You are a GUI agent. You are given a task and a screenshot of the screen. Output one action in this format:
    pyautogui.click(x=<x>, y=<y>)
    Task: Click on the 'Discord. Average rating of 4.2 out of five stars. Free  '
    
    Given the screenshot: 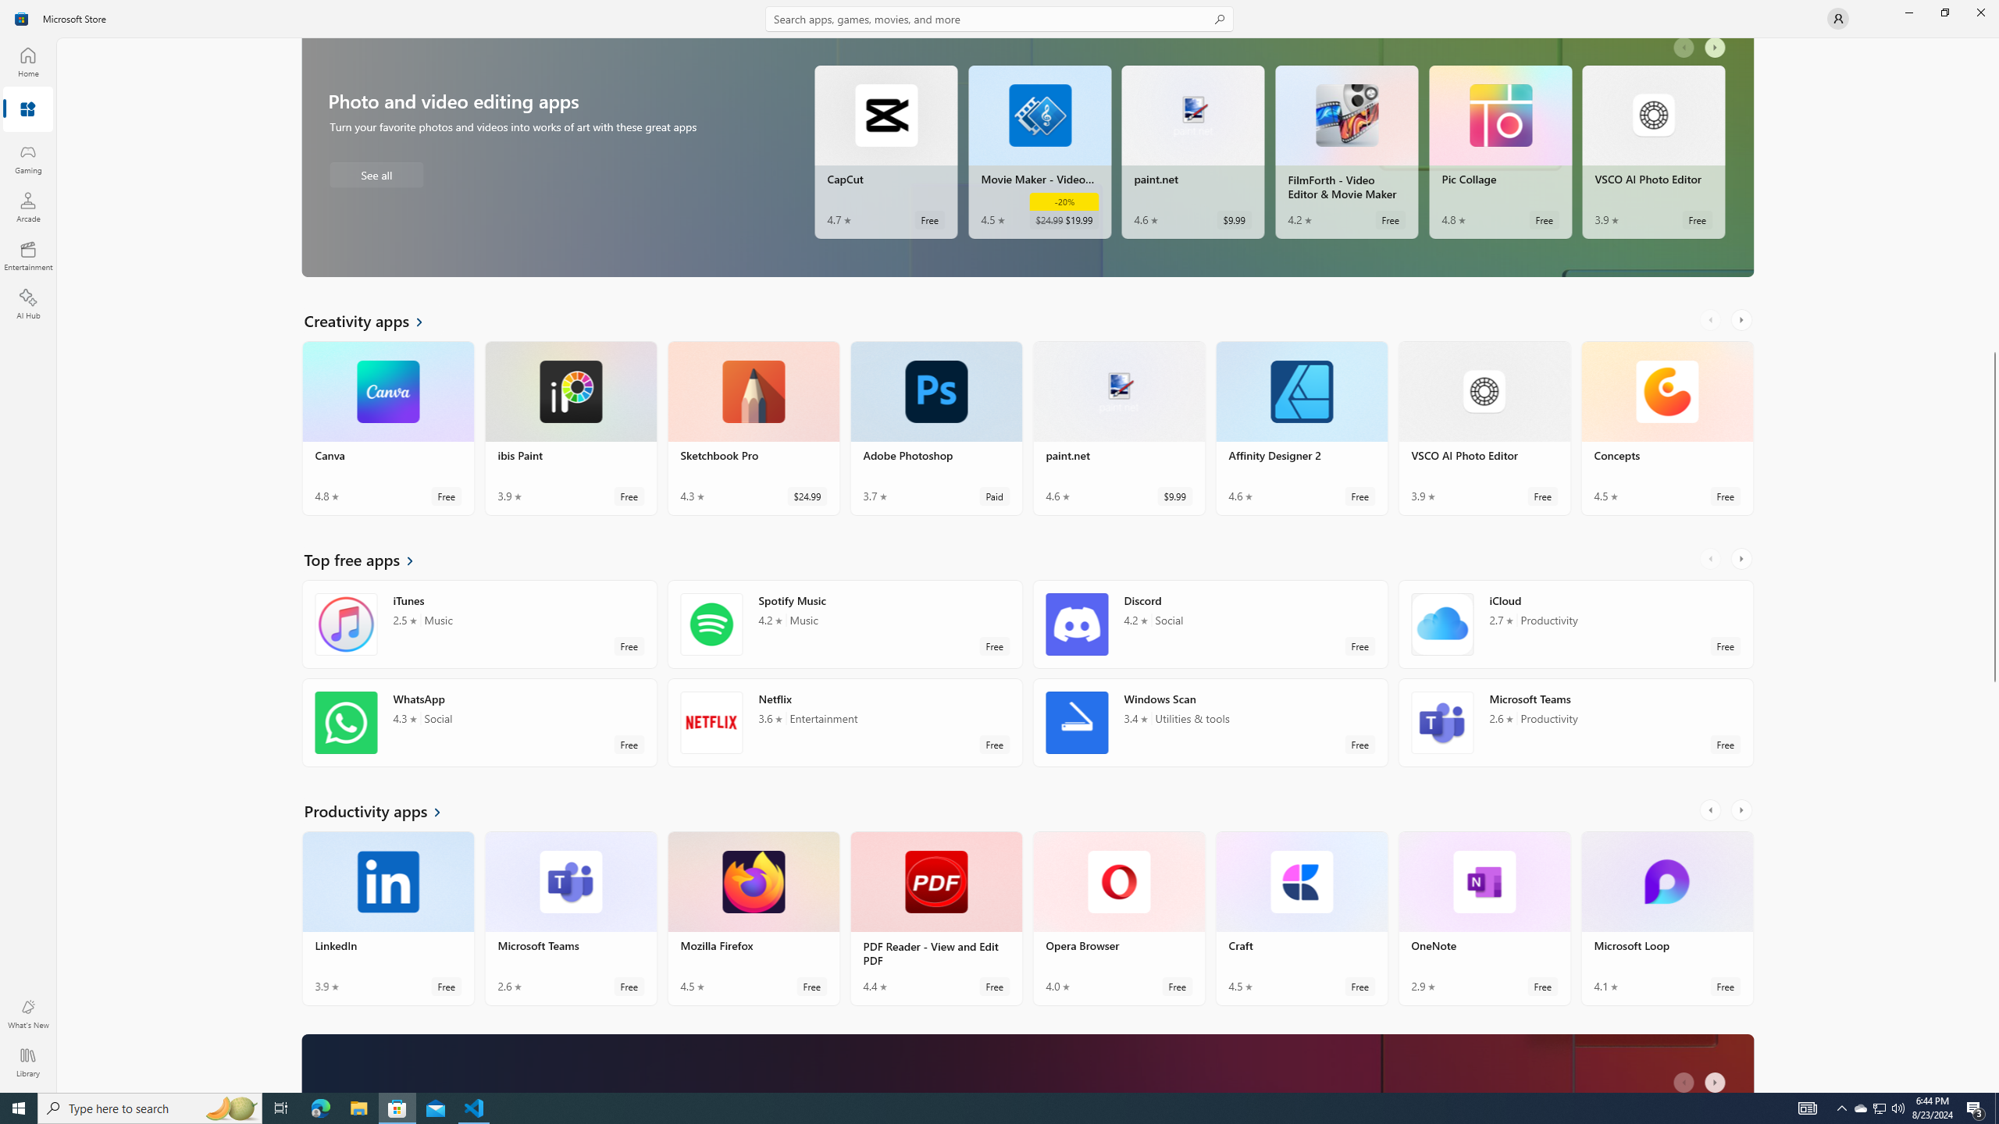 What is the action you would take?
    pyautogui.click(x=1210, y=623)
    